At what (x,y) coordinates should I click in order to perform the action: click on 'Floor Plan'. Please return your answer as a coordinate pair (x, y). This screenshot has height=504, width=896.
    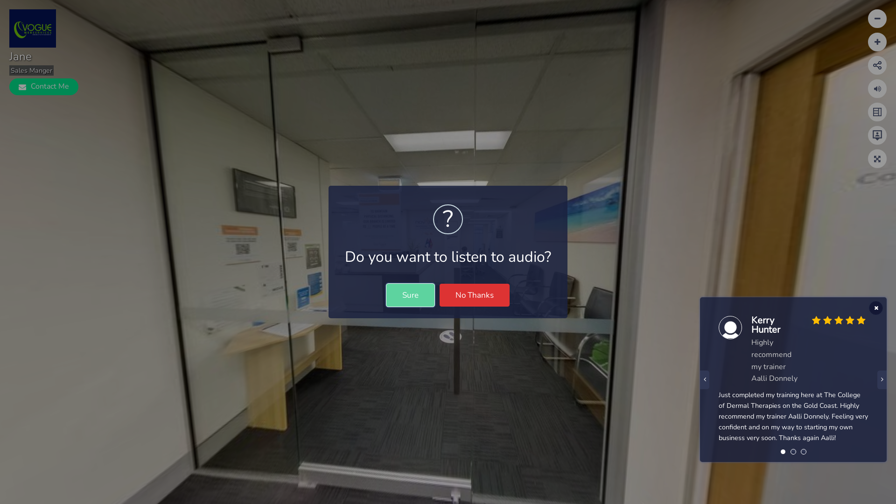
    Looking at the image, I should click on (877, 111).